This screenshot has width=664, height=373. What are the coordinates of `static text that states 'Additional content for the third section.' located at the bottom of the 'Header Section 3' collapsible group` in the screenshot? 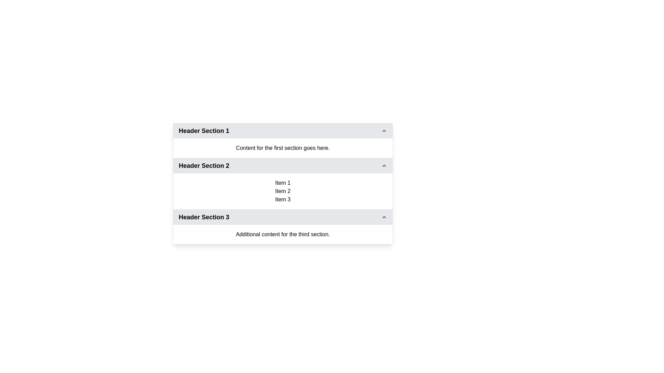 It's located at (283, 234).